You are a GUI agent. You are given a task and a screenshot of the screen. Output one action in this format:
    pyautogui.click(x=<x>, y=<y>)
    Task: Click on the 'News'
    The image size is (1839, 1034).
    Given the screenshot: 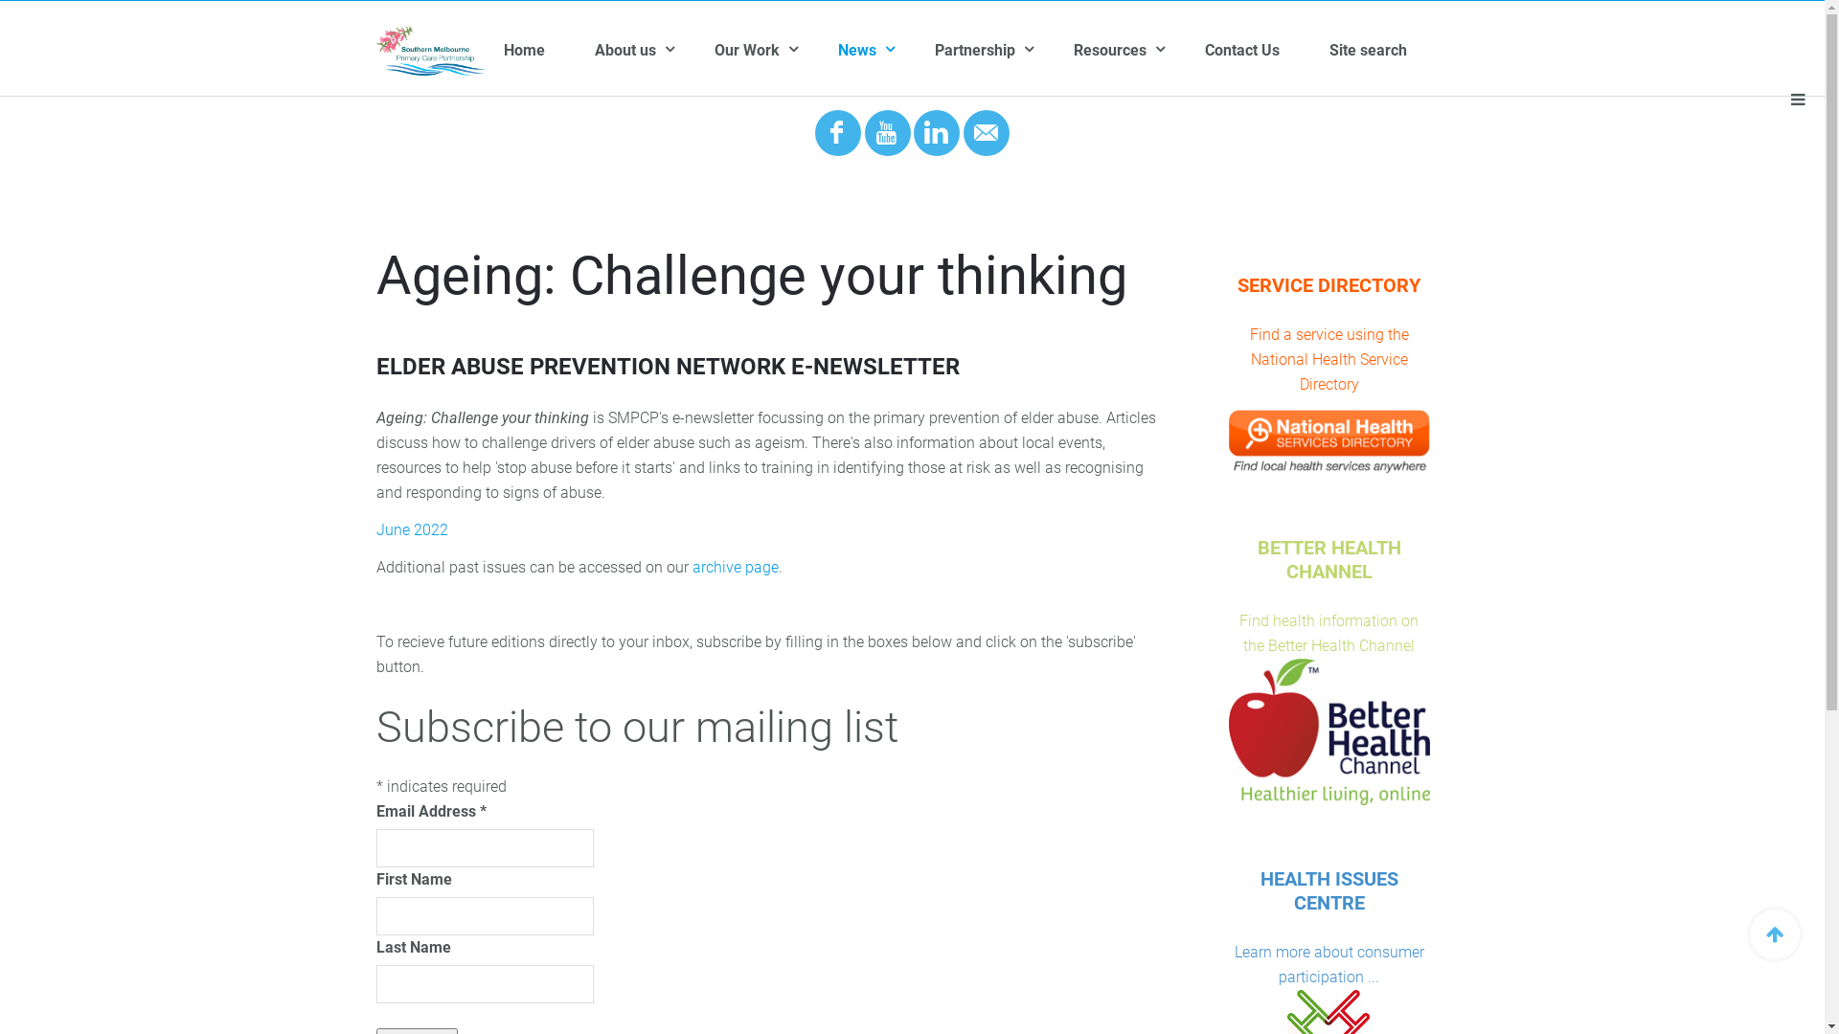 What is the action you would take?
    pyautogui.click(x=885, y=50)
    